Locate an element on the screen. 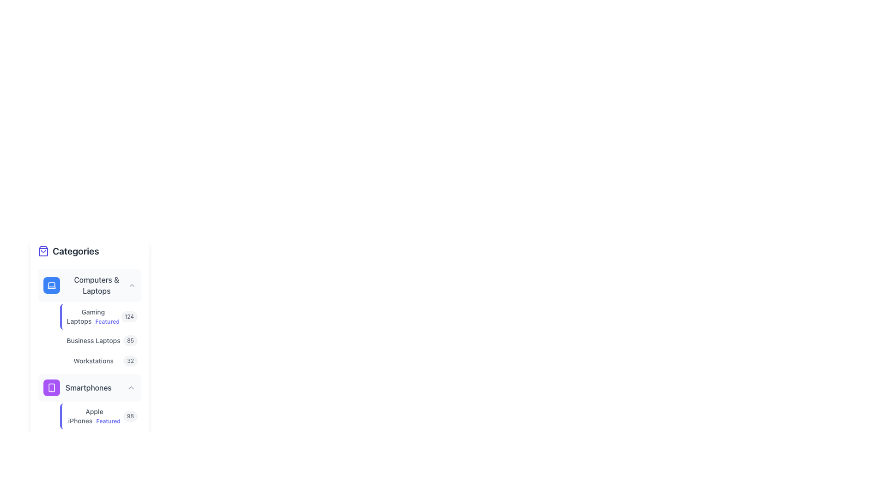 The height and width of the screenshot is (498, 887). the first button in the vertical list of categories is located at coordinates (89, 285).